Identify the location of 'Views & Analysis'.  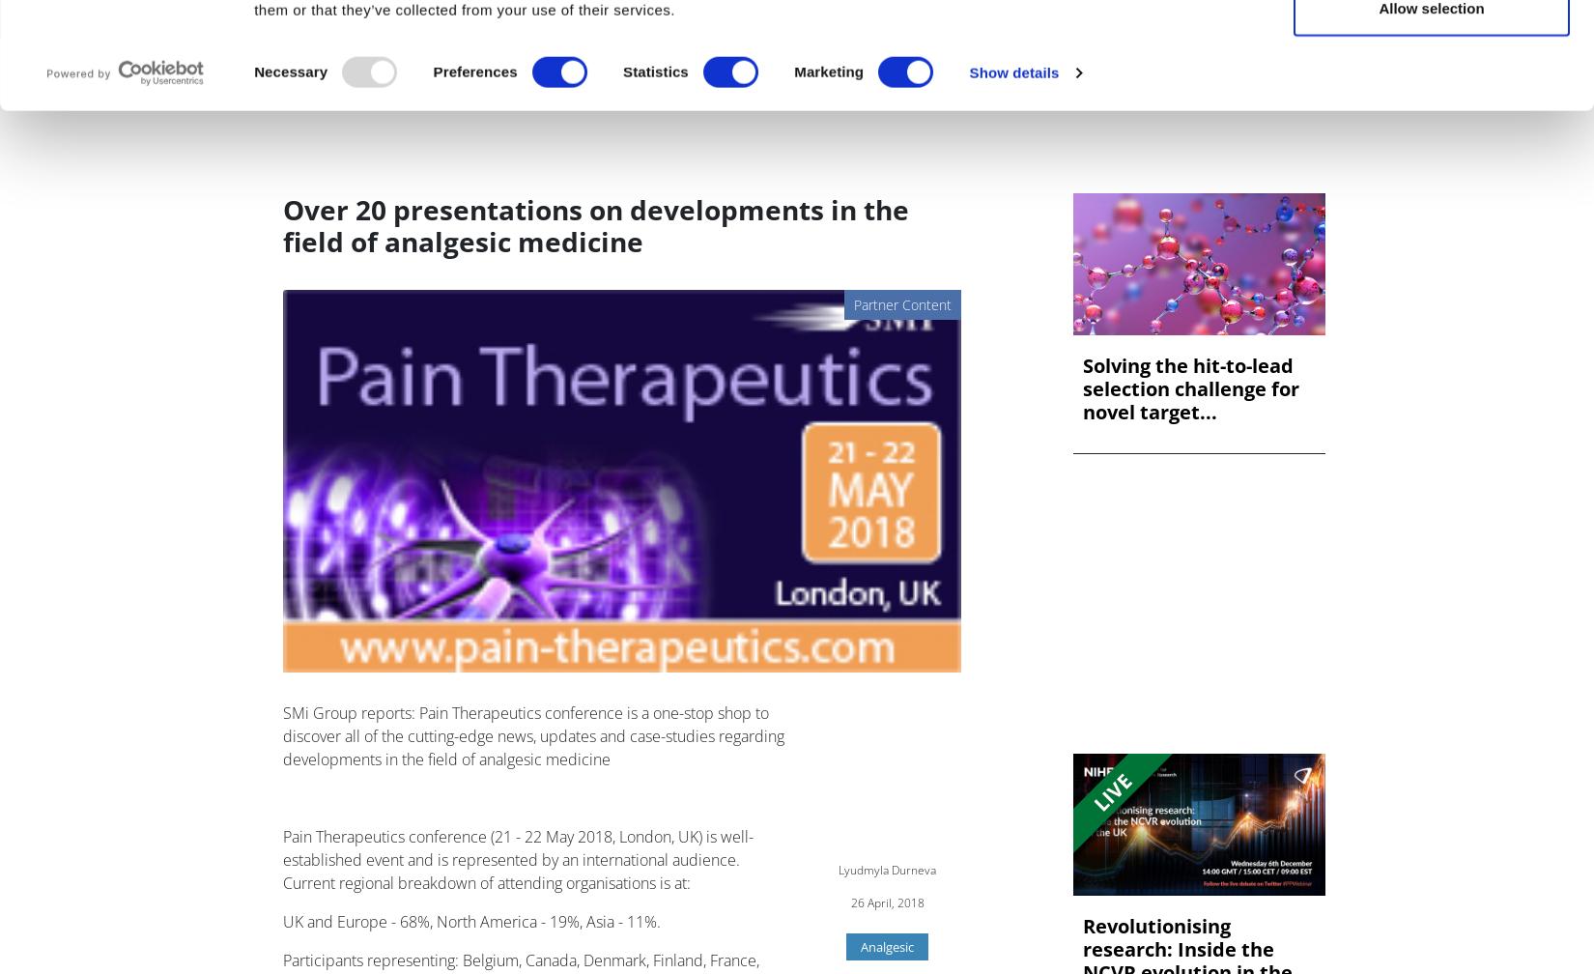
(589, 78).